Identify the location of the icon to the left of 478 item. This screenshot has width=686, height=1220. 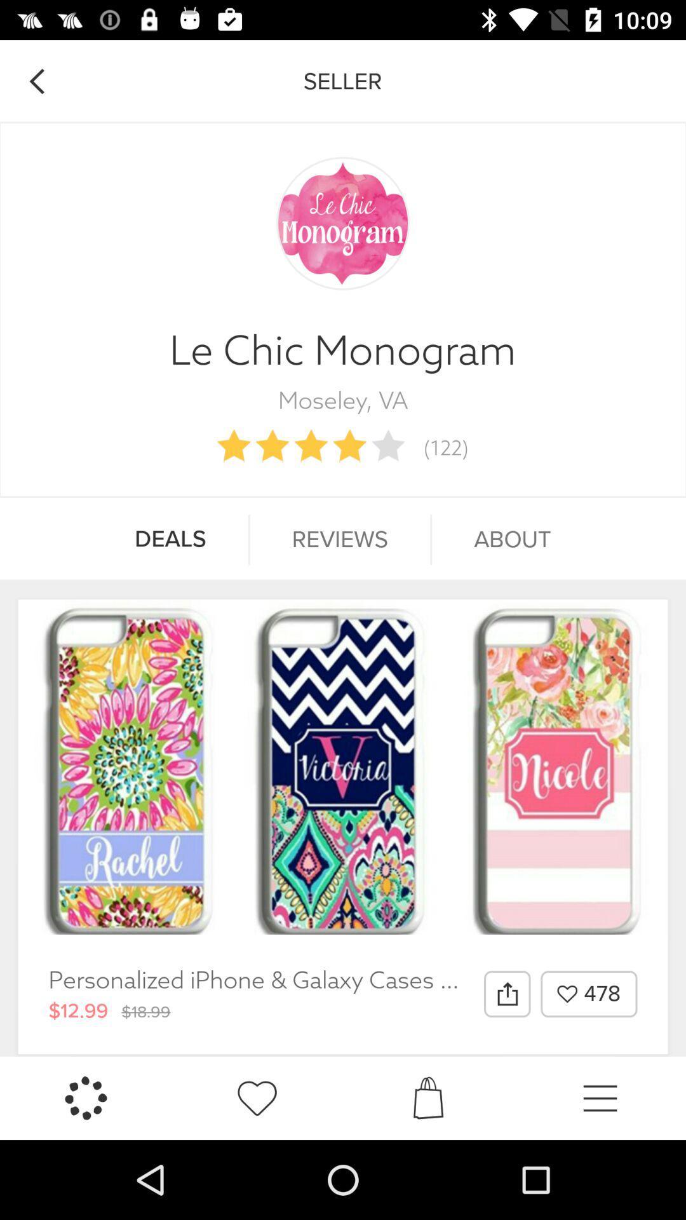
(506, 993).